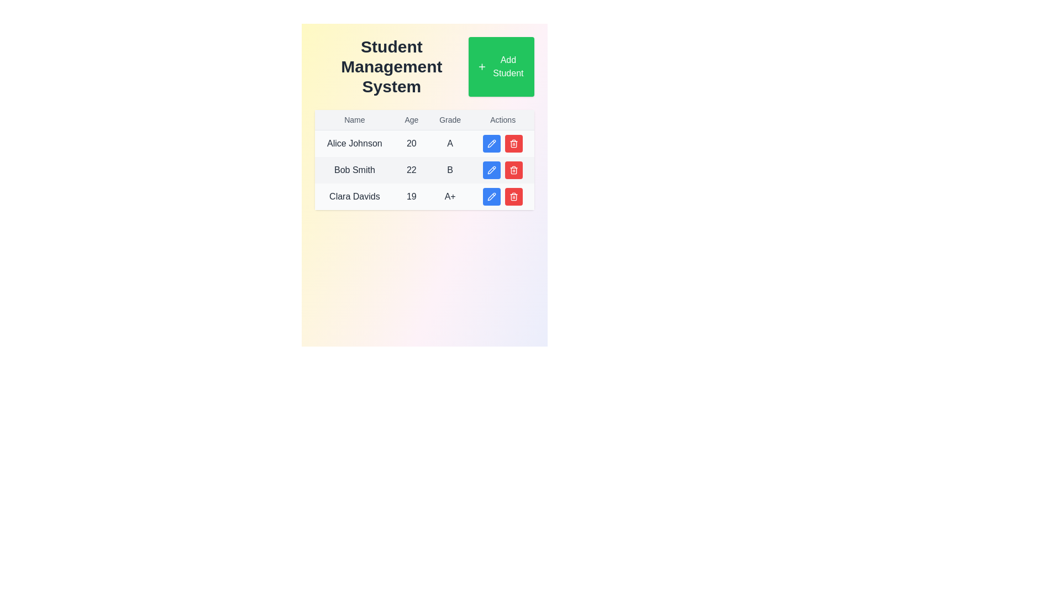  Describe the element at coordinates (491, 170) in the screenshot. I see `the edit icon button located in the 'Actions' column of the second row in the table next to the user 'Bob Smith'` at that location.